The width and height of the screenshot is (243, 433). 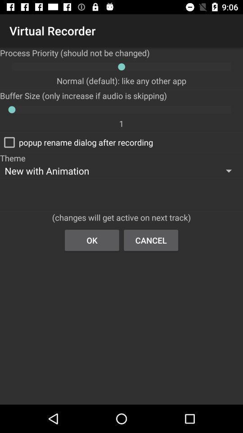 I want to click on icon to the left of the cancel, so click(x=91, y=240).